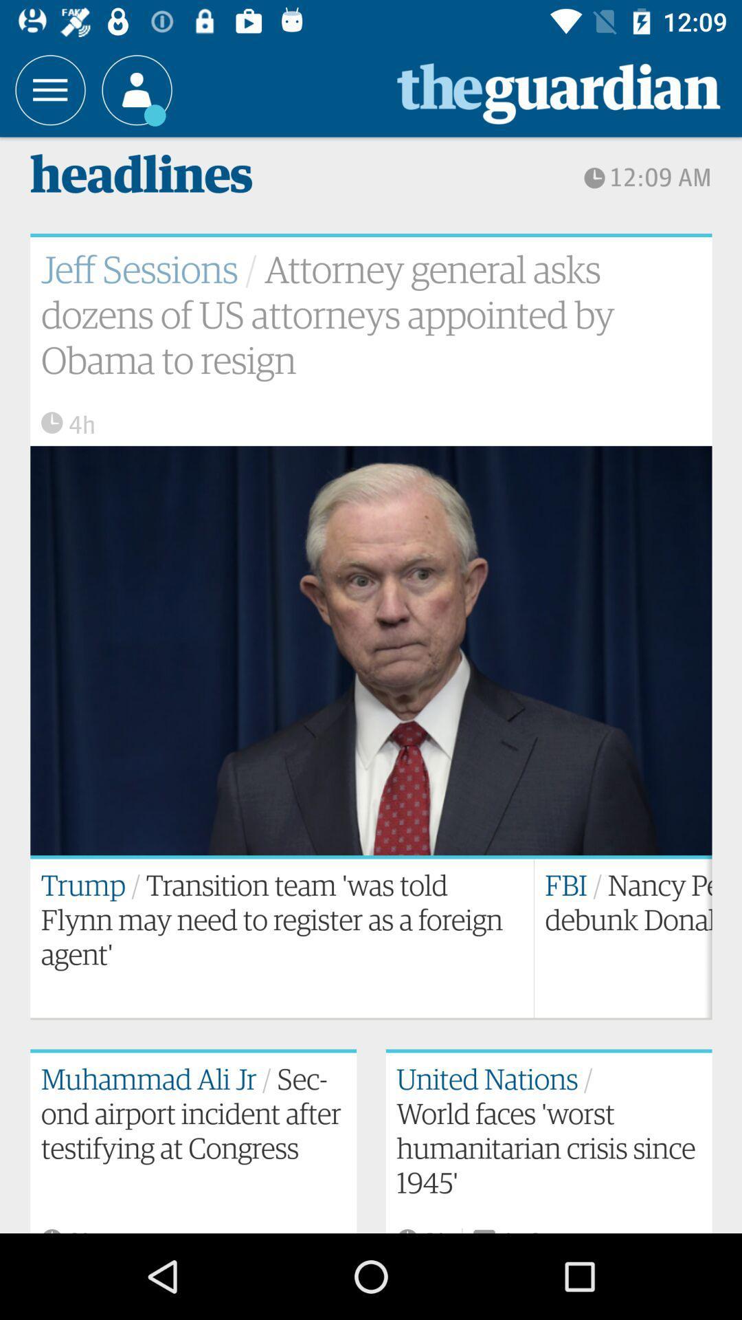  What do you see at coordinates (193, 1141) in the screenshot?
I see `the bottom left text` at bounding box center [193, 1141].